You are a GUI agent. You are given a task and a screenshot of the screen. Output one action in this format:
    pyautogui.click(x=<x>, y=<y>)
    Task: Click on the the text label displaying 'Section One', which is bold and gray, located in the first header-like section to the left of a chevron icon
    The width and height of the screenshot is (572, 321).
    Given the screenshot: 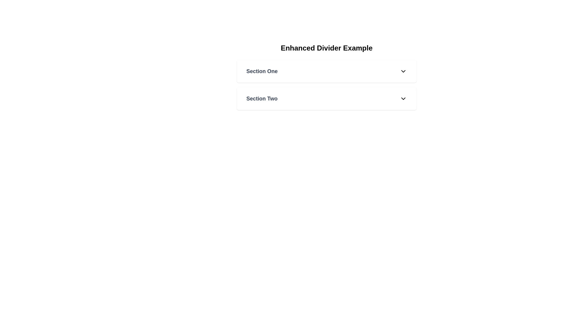 What is the action you would take?
    pyautogui.click(x=262, y=71)
    